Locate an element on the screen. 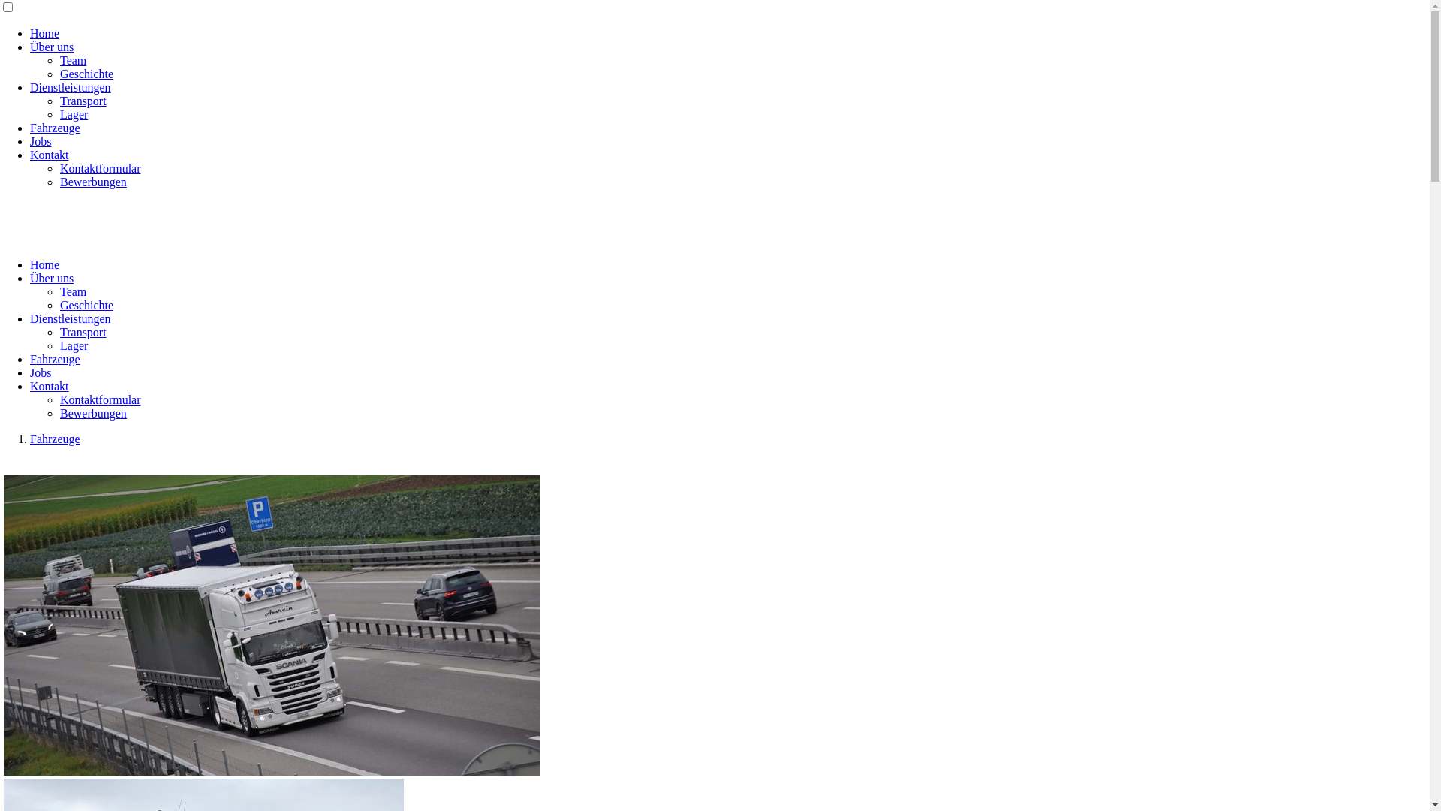 The image size is (1441, 811). 'Jobs' is located at coordinates (40, 372).